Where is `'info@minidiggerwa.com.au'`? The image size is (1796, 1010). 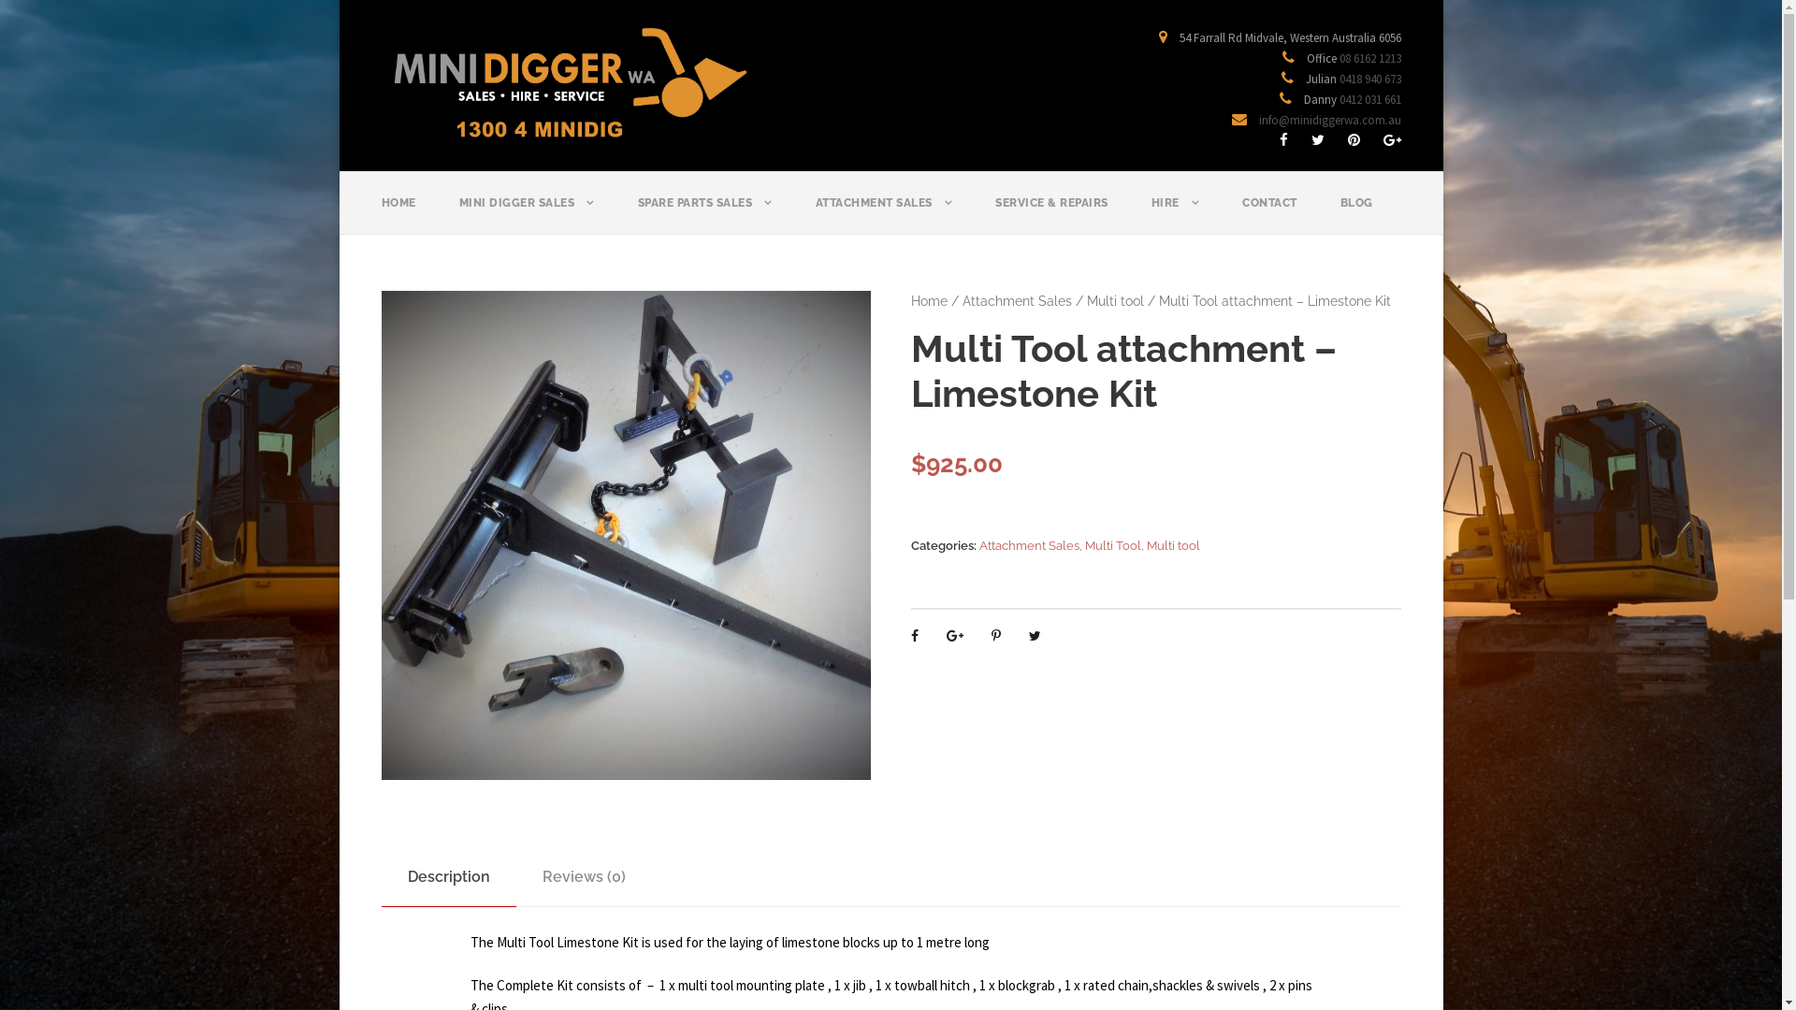 'info@minidiggerwa.com.au' is located at coordinates (1328, 120).